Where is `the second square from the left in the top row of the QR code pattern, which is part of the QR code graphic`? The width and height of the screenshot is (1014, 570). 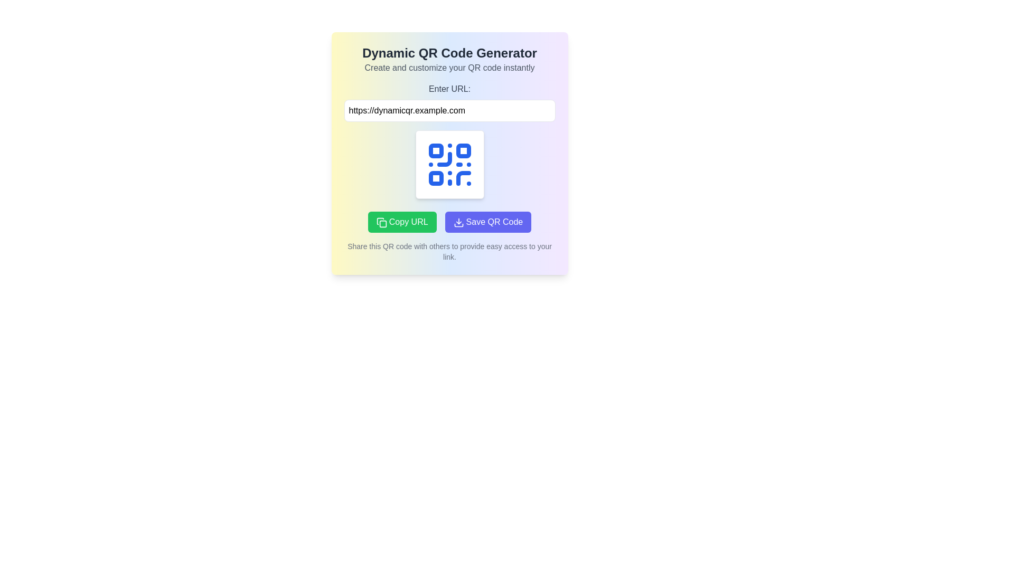
the second square from the left in the top row of the QR code pattern, which is part of the QR code graphic is located at coordinates (463, 150).